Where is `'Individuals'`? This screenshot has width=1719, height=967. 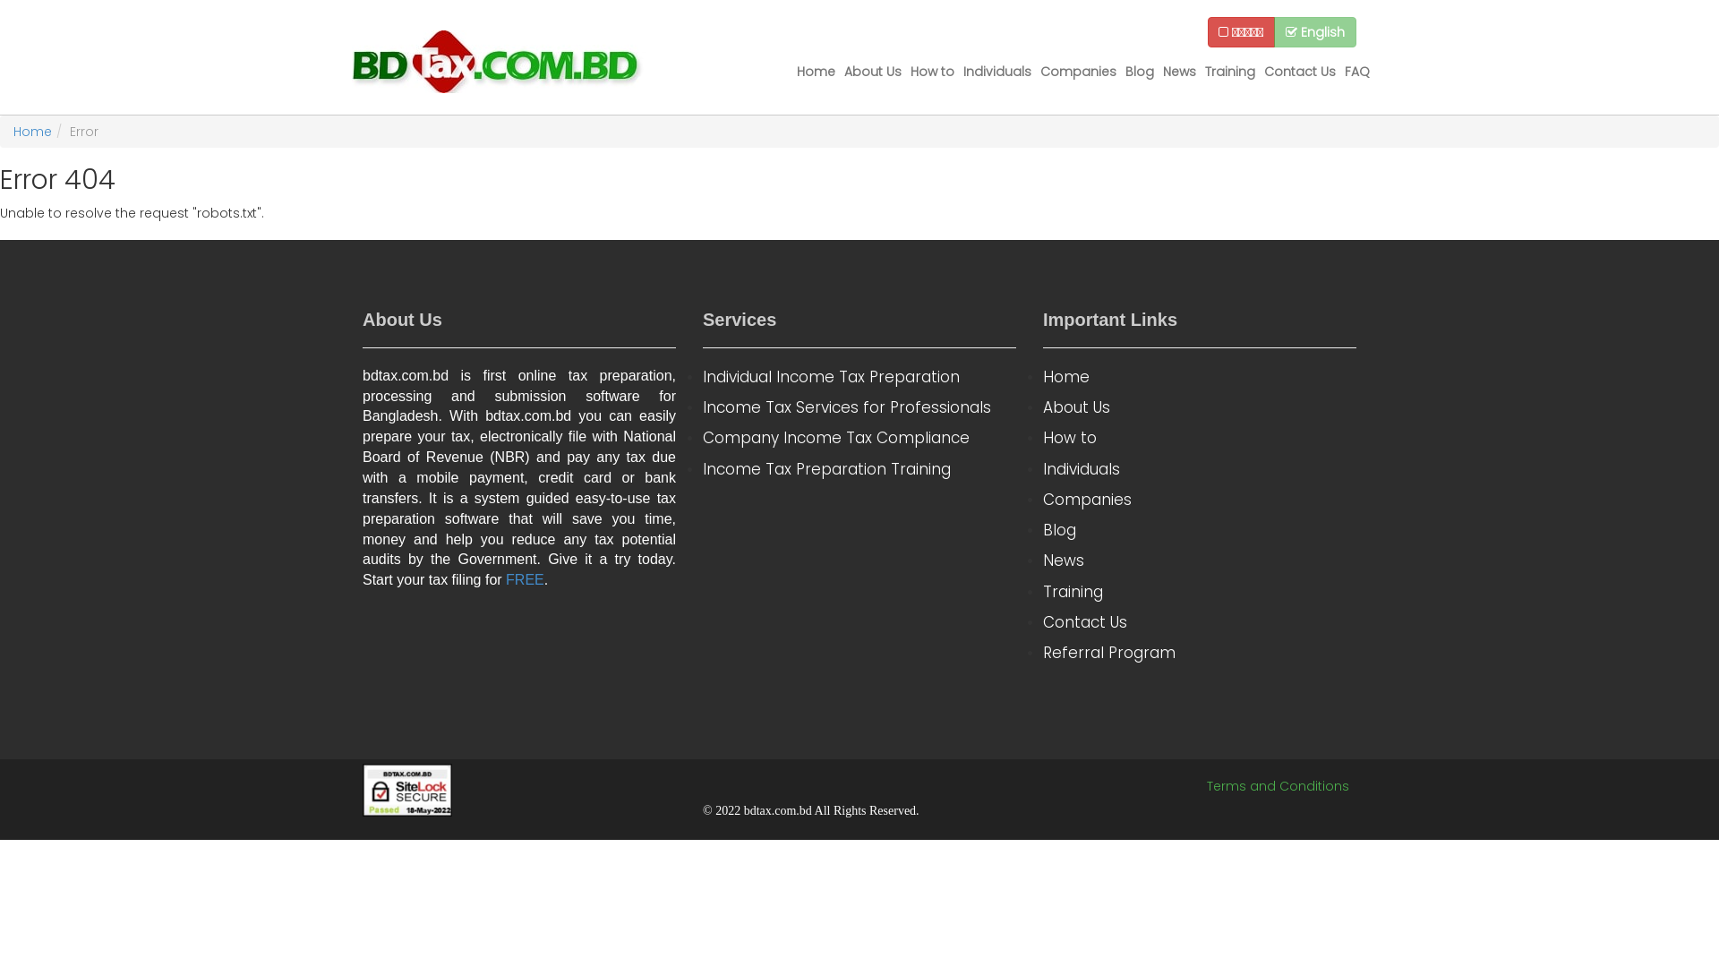 'Individuals' is located at coordinates (996, 71).